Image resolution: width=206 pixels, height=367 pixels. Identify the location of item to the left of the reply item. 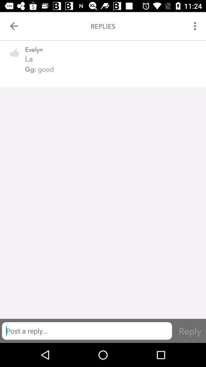
(86, 330).